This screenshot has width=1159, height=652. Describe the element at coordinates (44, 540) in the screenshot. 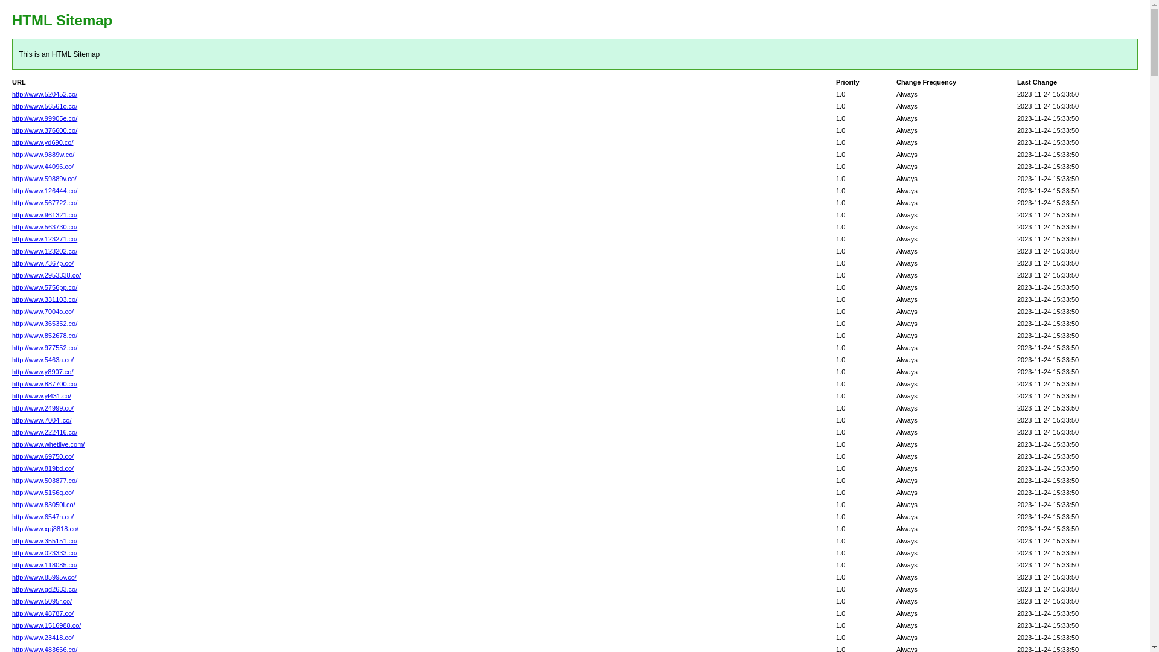

I see `'http://www.355151.co/'` at that location.